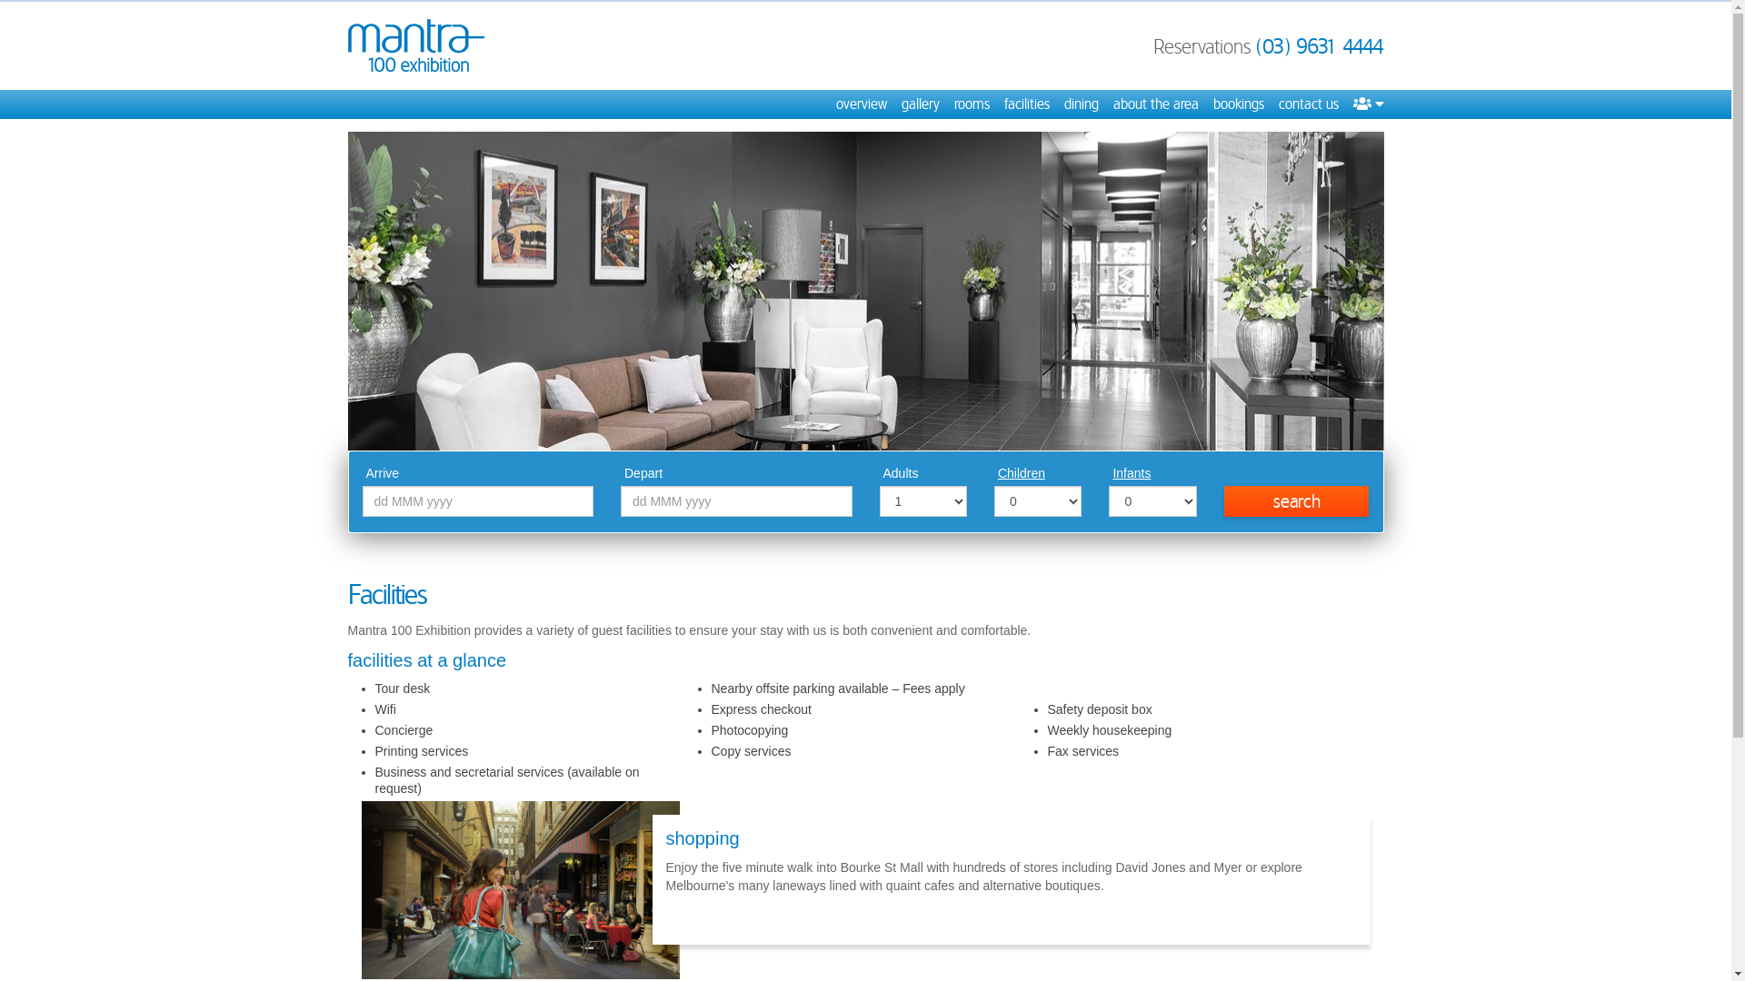 Image resolution: width=1745 pixels, height=981 pixels. I want to click on '(03) 9631 4444', so click(1255, 45).